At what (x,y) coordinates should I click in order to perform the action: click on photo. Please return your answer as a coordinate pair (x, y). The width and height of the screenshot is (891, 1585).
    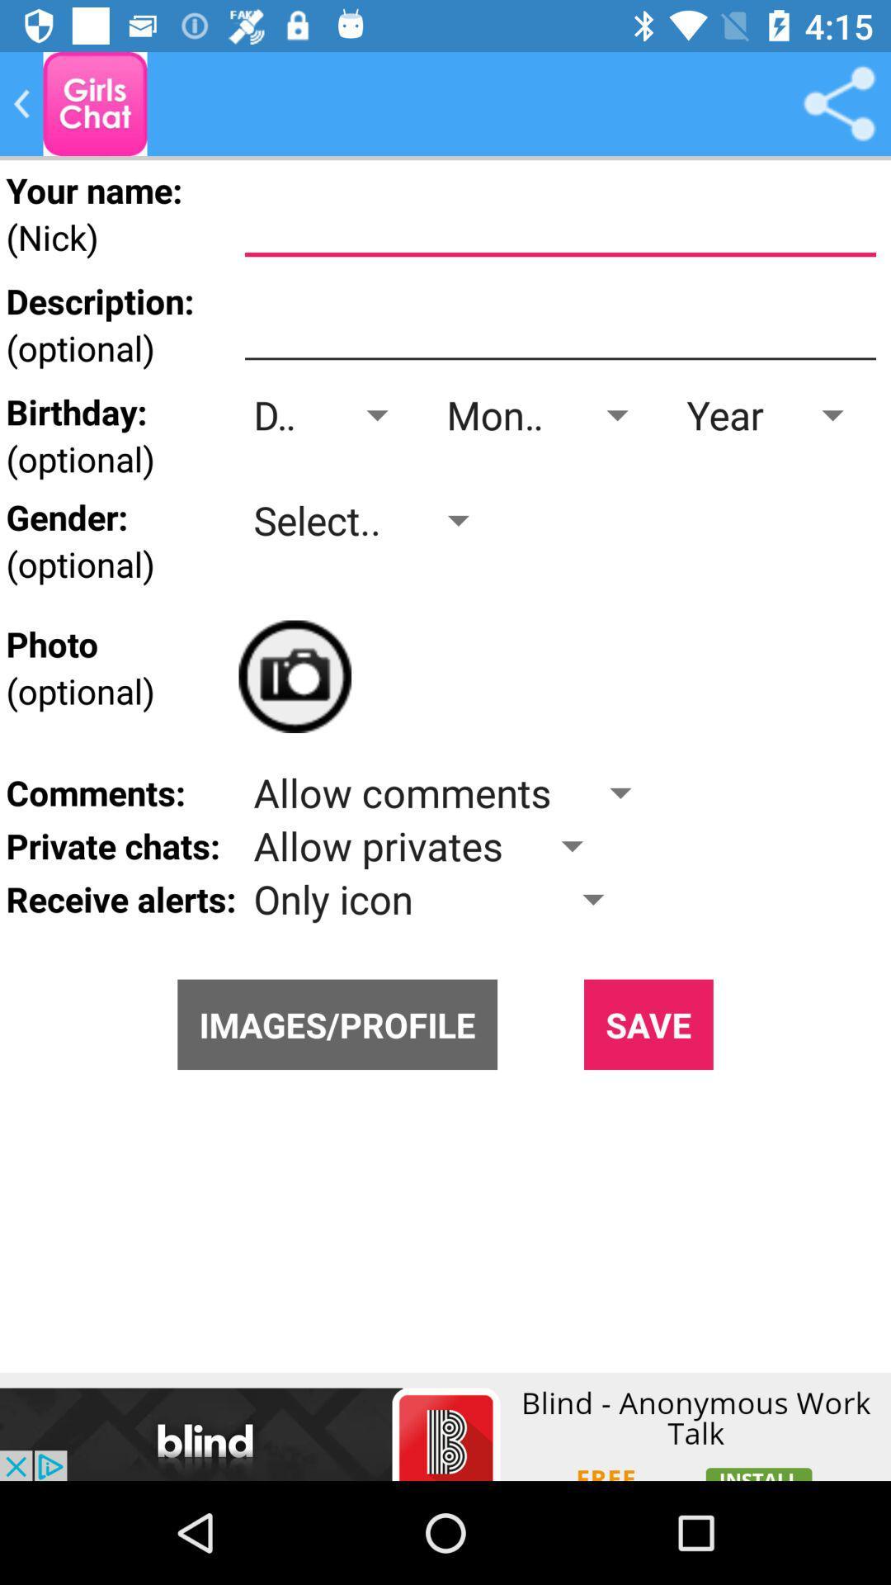
    Looking at the image, I should click on (294, 676).